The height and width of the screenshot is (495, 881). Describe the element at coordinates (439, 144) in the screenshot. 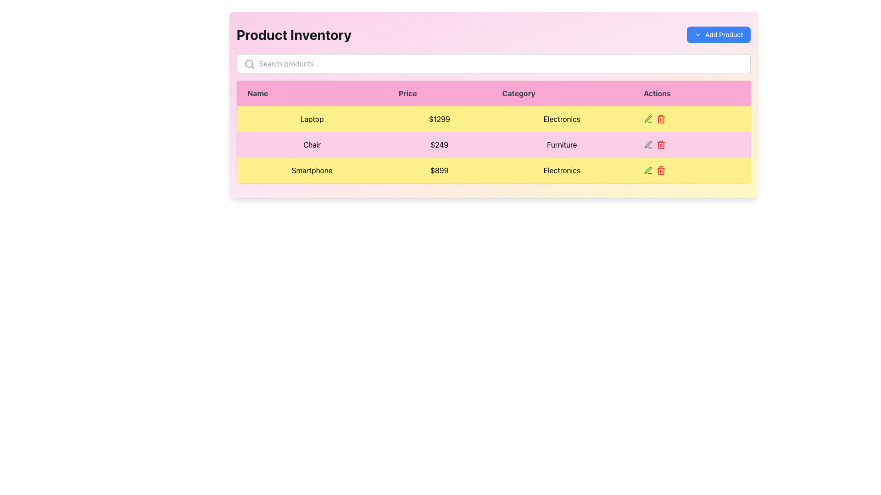

I see `the static text element that displays the product price, located in the second column under the 'Price' header, positioned between the 'Chair' and 'Furniture' elements` at that location.